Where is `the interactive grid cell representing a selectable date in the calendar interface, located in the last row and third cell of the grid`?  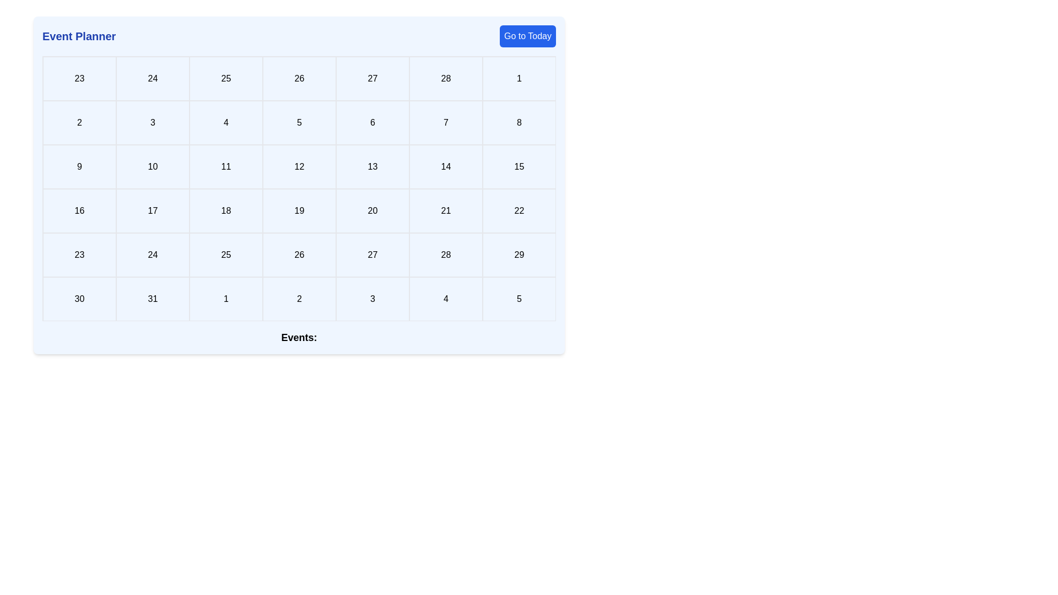
the interactive grid cell representing a selectable date in the calendar interface, located in the last row and third cell of the grid is located at coordinates (373, 299).